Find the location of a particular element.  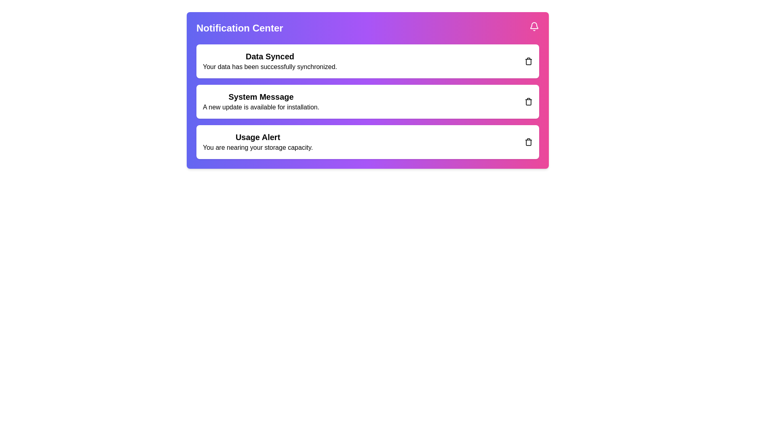

the second Static Notification Card in the Notification Center that displays an update notification, positioned between 'Data Synced' and 'Usage Alert' is located at coordinates (367, 90).